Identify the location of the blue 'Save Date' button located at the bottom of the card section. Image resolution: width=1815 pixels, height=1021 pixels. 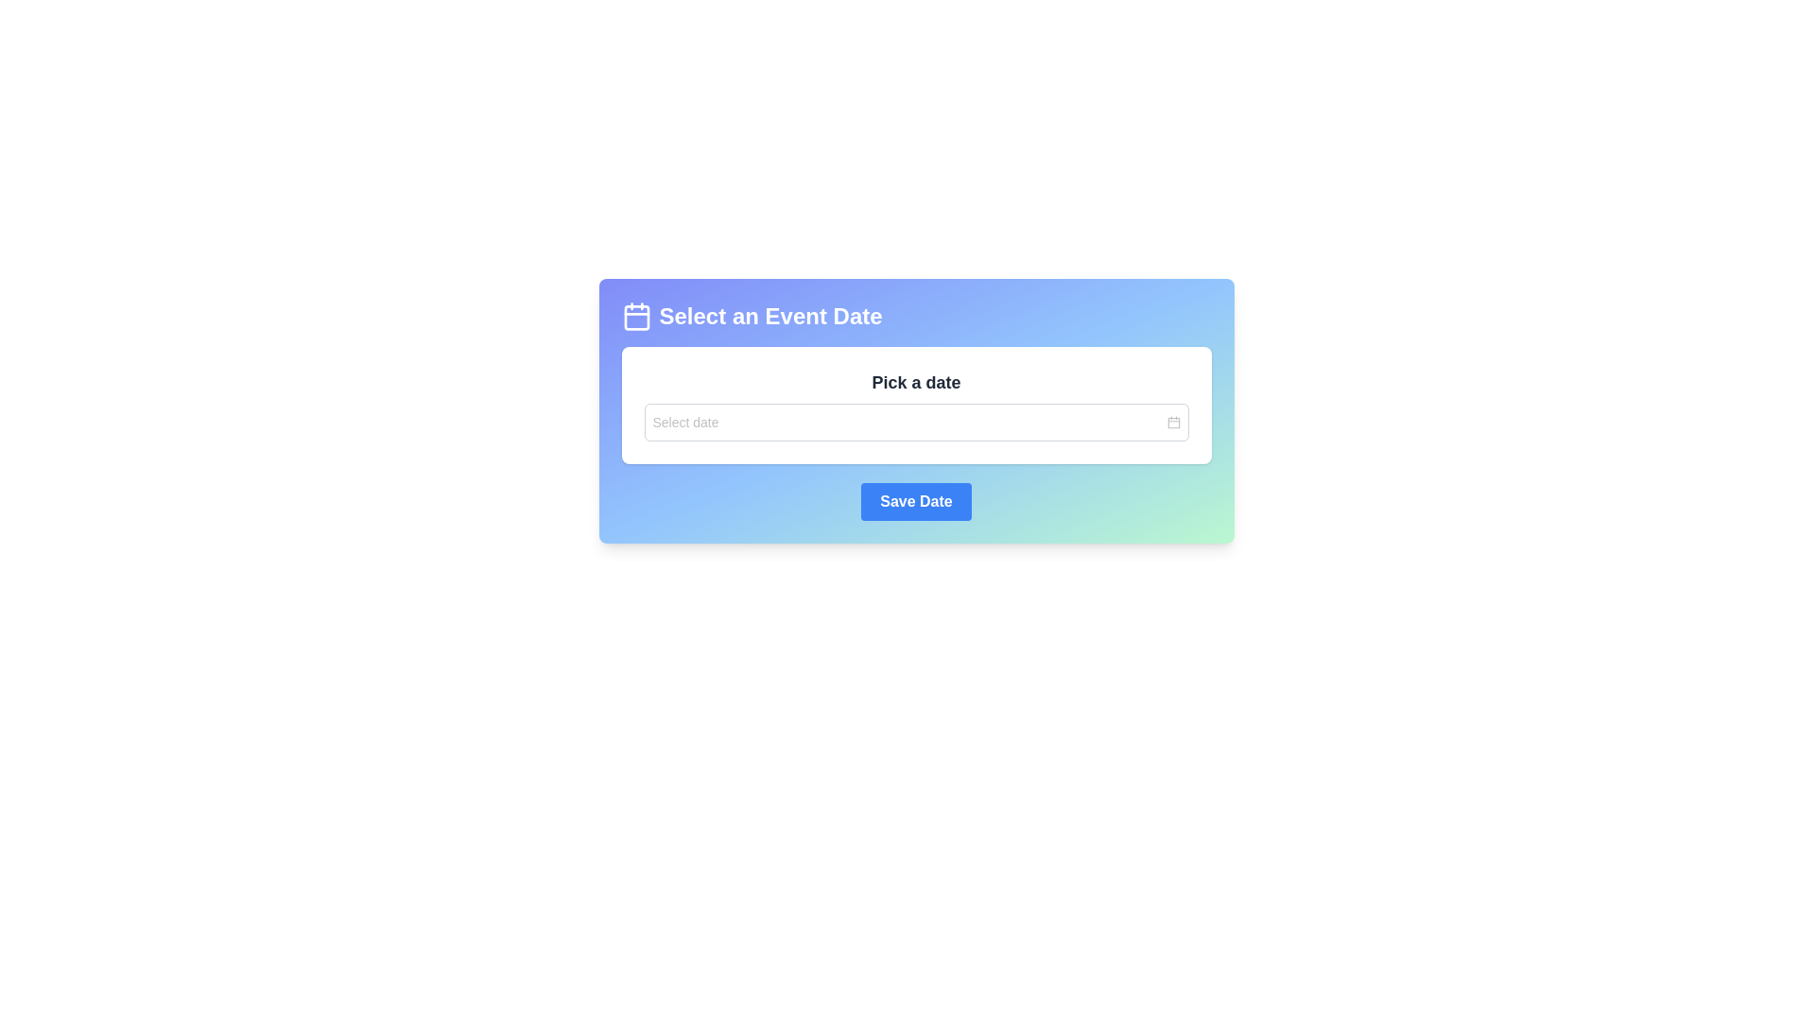
(916, 501).